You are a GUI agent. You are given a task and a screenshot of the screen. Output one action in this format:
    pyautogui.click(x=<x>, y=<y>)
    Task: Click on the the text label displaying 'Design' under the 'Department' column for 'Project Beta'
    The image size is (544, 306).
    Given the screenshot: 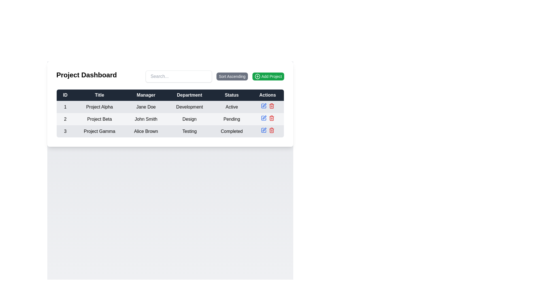 What is the action you would take?
    pyautogui.click(x=189, y=119)
    